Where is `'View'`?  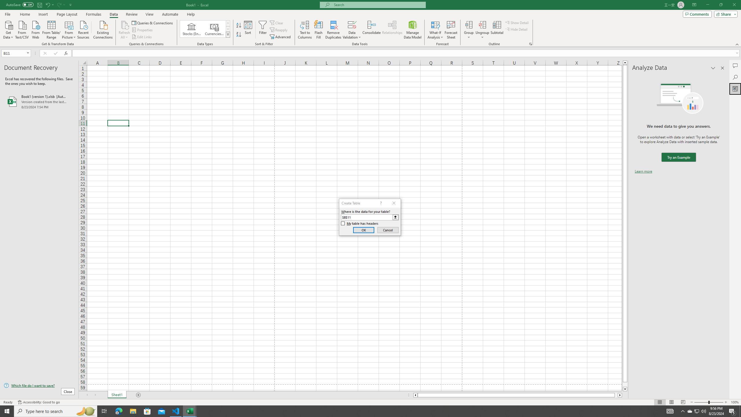
'View' is located at coordinates (149, 14).